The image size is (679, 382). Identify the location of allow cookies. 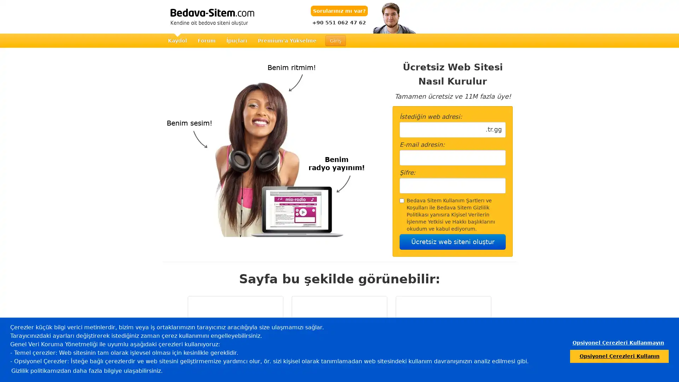
(619, 356).